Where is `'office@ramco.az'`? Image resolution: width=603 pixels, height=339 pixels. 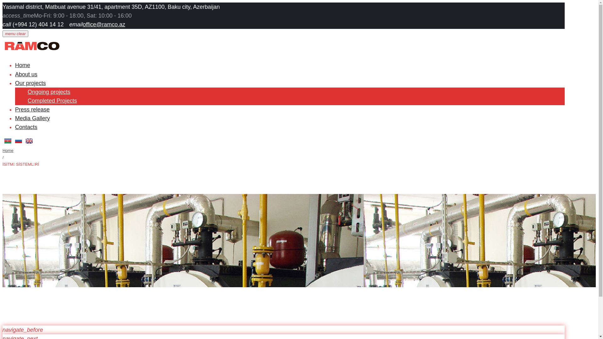
'office@ramco.az' is located at coordinates (104, 24).